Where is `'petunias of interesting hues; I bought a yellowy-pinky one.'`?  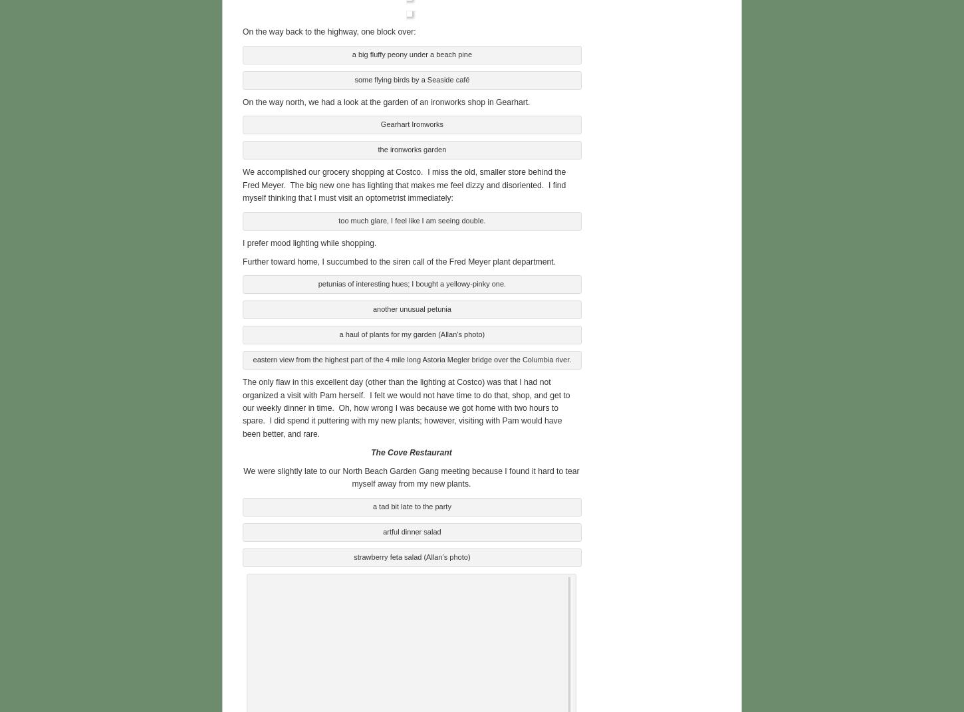 'petunias of interesting hues; I bought a yellowy-pinky one.' is located at coordinates (411, 282).